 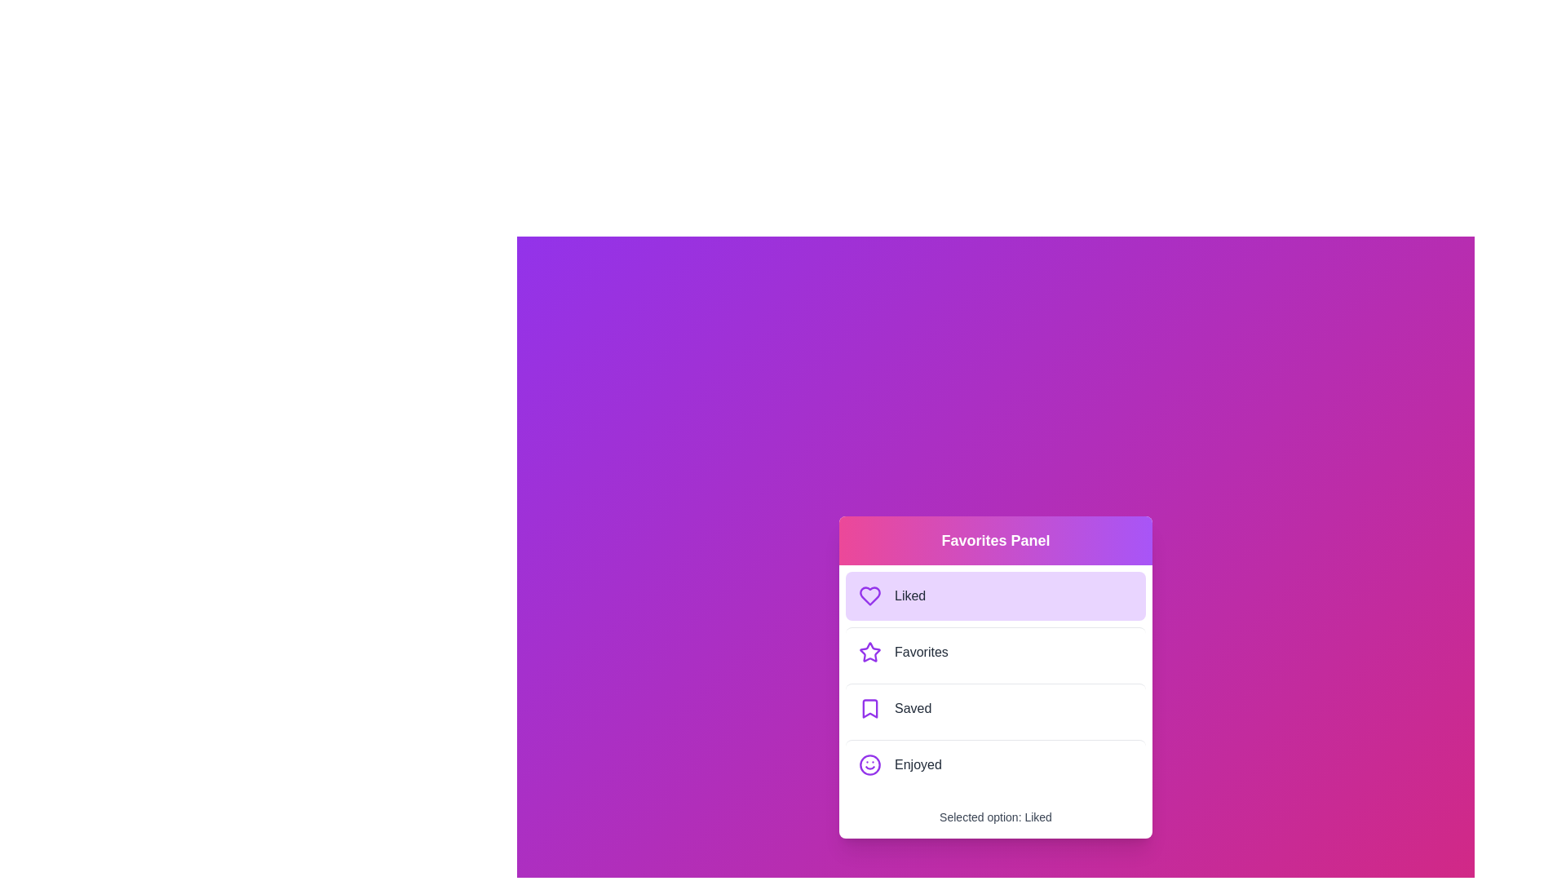 What do you see at coordinates (994, 595) in the screenshot?
I see `the menu option Liked to observe the hover effect` at bounding box center [994, 595].